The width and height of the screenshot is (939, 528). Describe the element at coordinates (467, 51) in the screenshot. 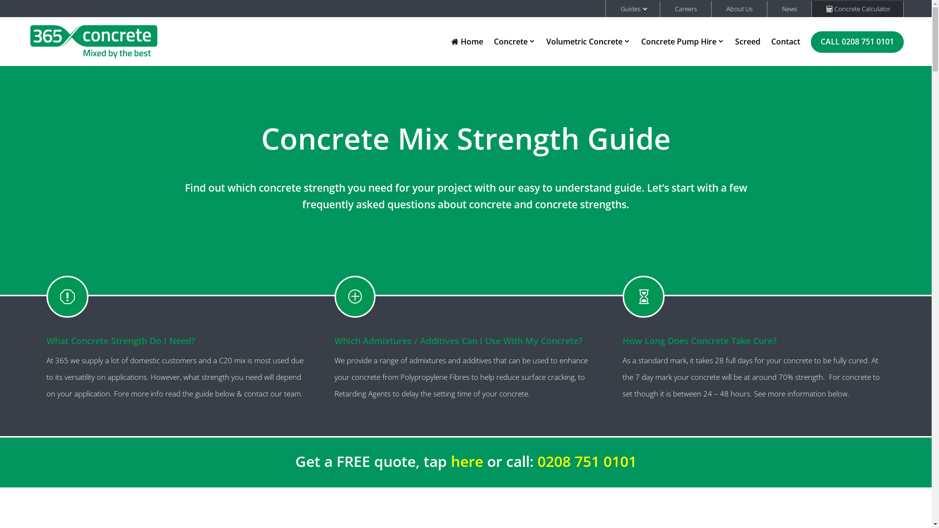

I see `'Home'` at that location.